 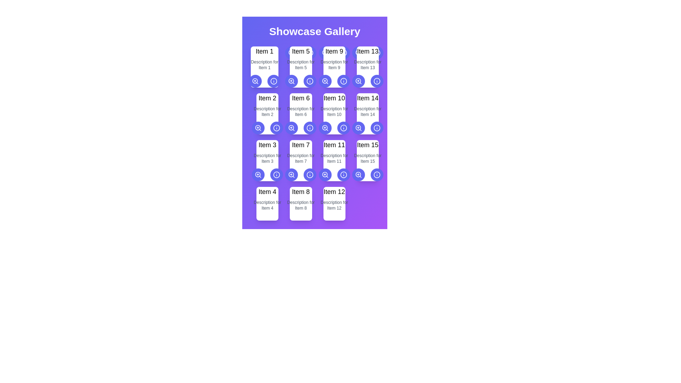 I want to click on the circular zoom-in icon with a magnifying glass symbol associated with Item 7, so click(x=292, y=175).